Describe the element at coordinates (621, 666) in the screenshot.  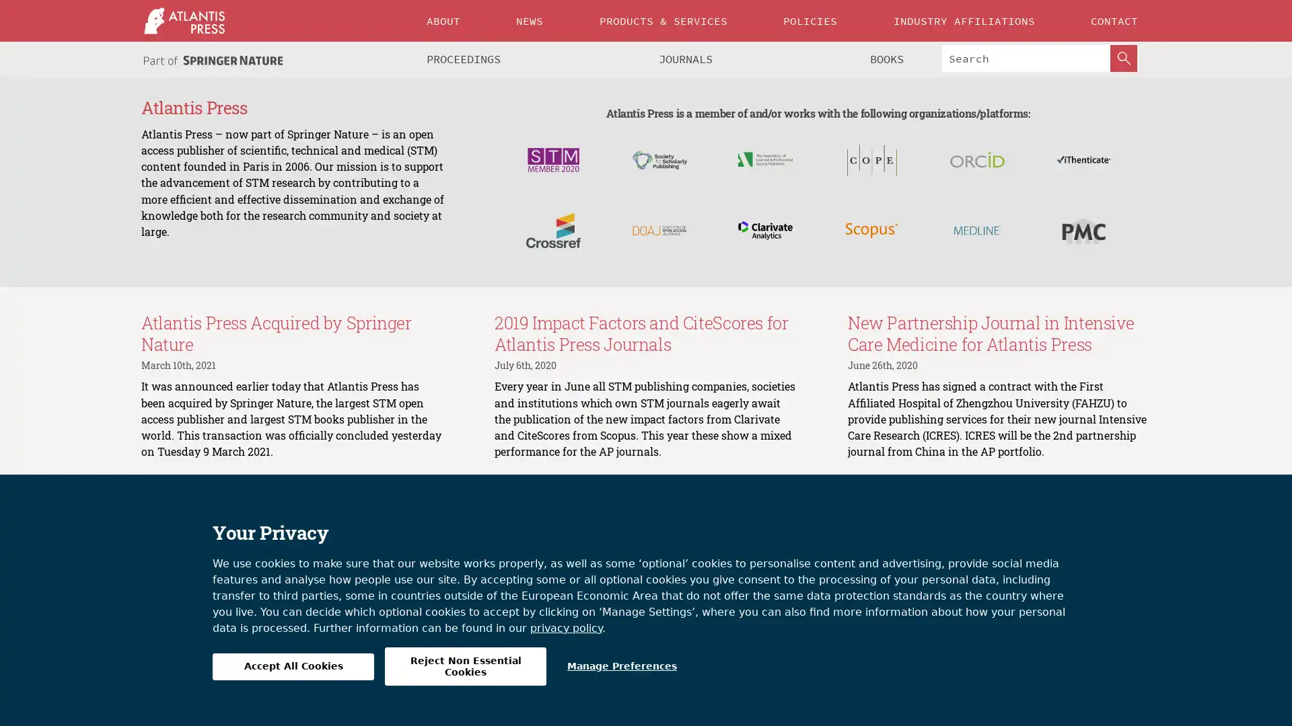
I see `Manage Preferences` at that location.